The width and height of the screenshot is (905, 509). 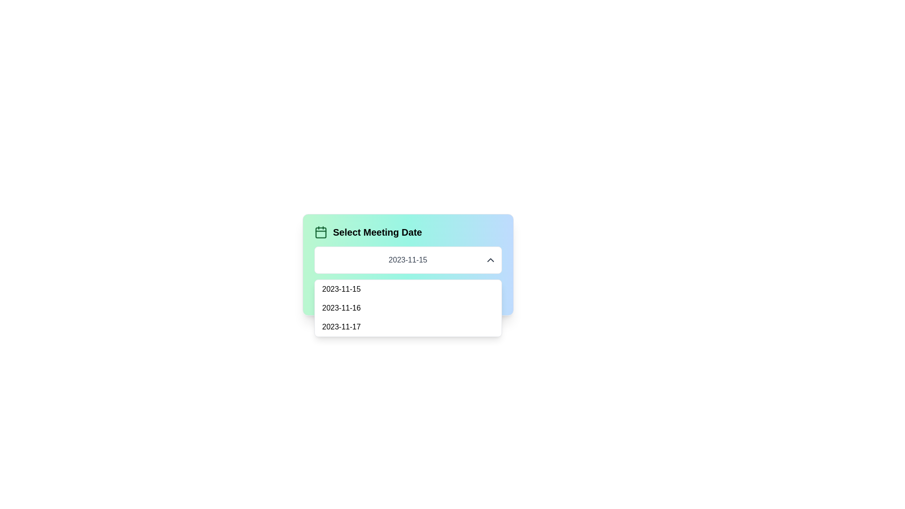 I want to click on the icon button located to the far right of the date input field displaying '2023-11-15', so click(x=490, y=260).